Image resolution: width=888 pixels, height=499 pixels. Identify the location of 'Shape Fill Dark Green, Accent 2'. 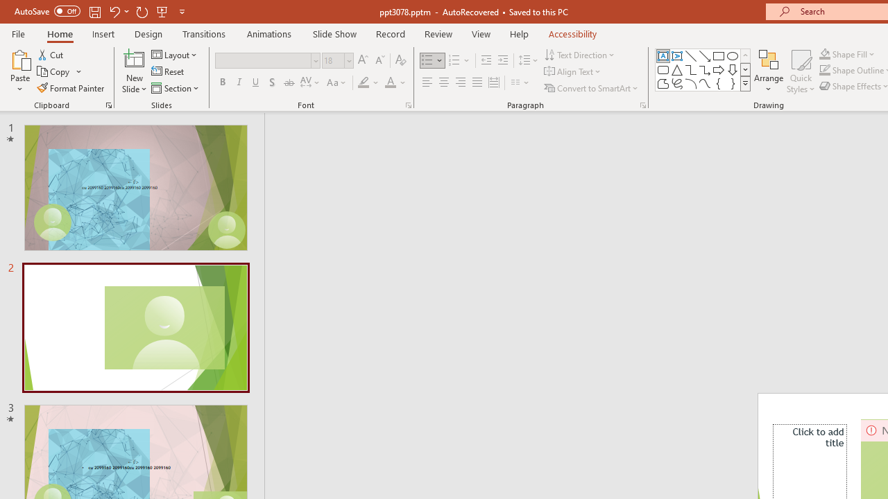
(825, 53).